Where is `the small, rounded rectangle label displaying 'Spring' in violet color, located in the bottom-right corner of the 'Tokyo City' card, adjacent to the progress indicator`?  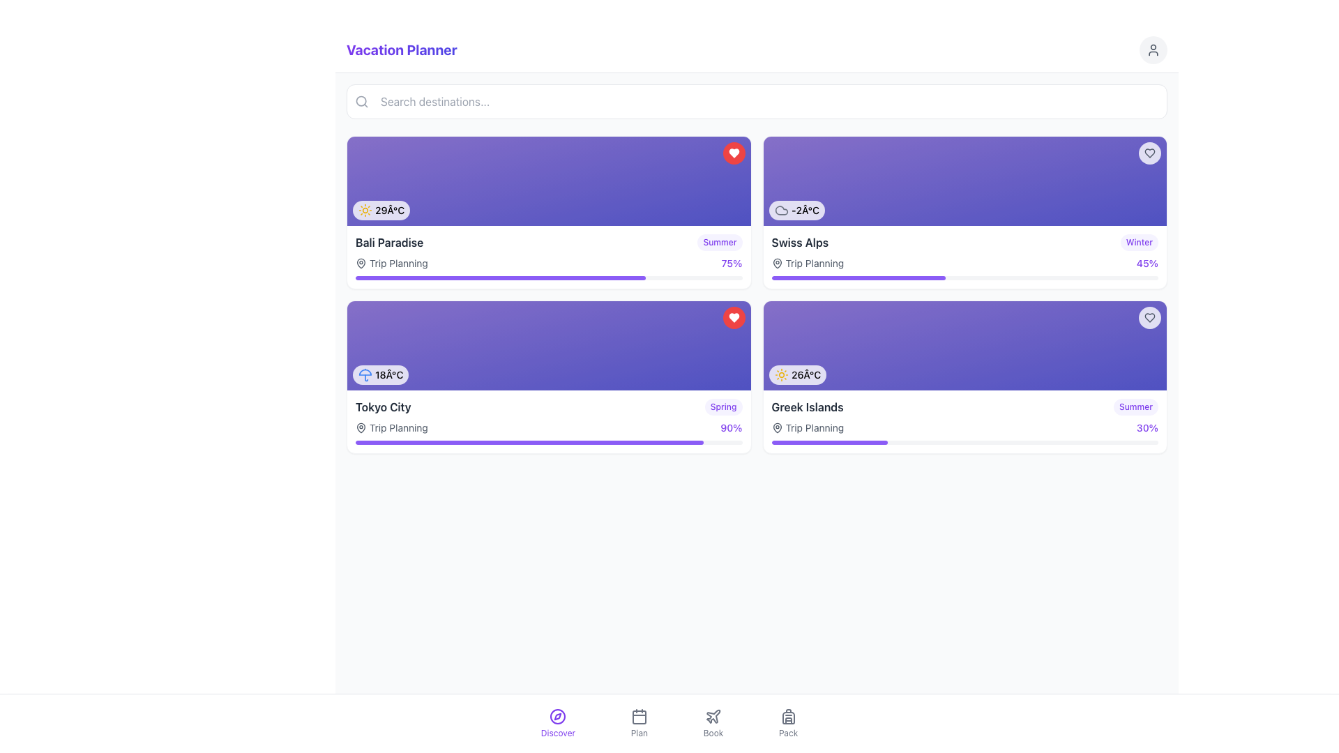
the small, rounded rectangle label displaying 'Spring' in violet color, located in the bottom-right corner of the 'Tokyo City' card, adjacent to the progress indicator is located at coordinates (723, 406).